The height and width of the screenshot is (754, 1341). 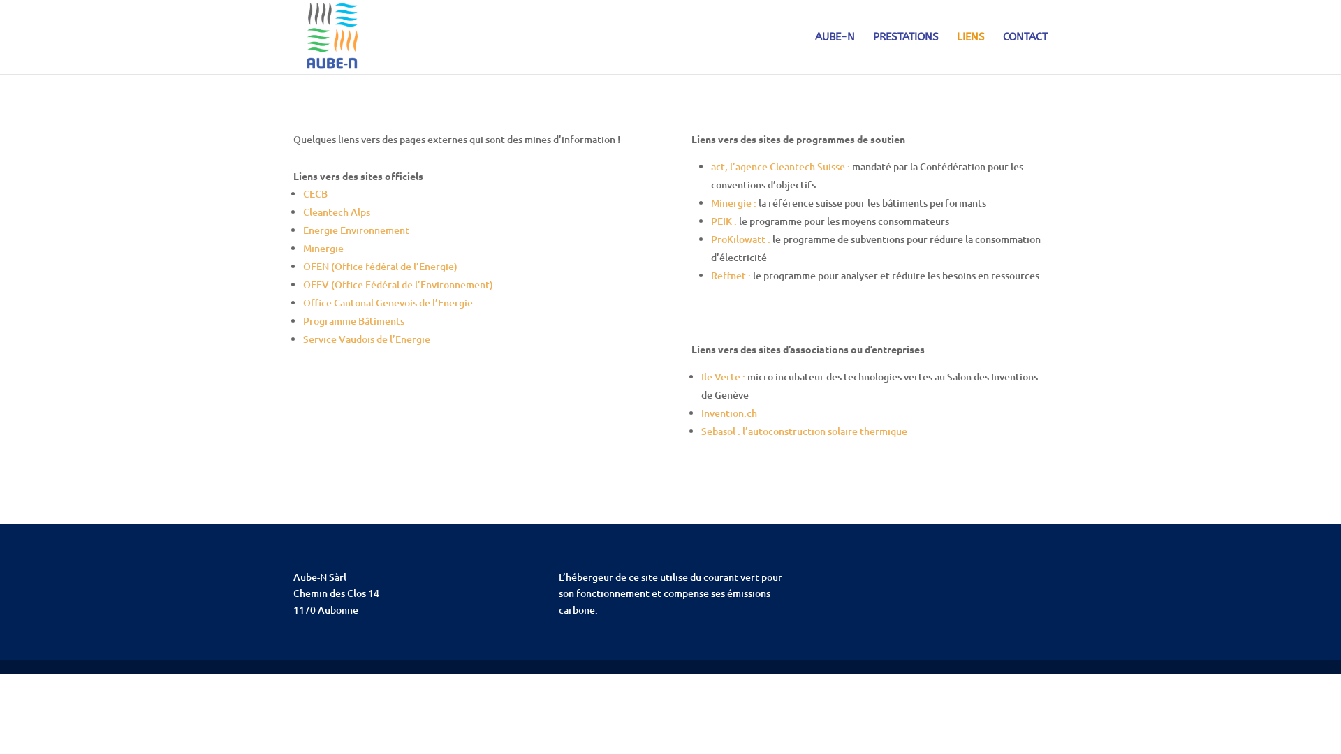 I want to click on 'CONTACT', so click(x=1025, y=52).